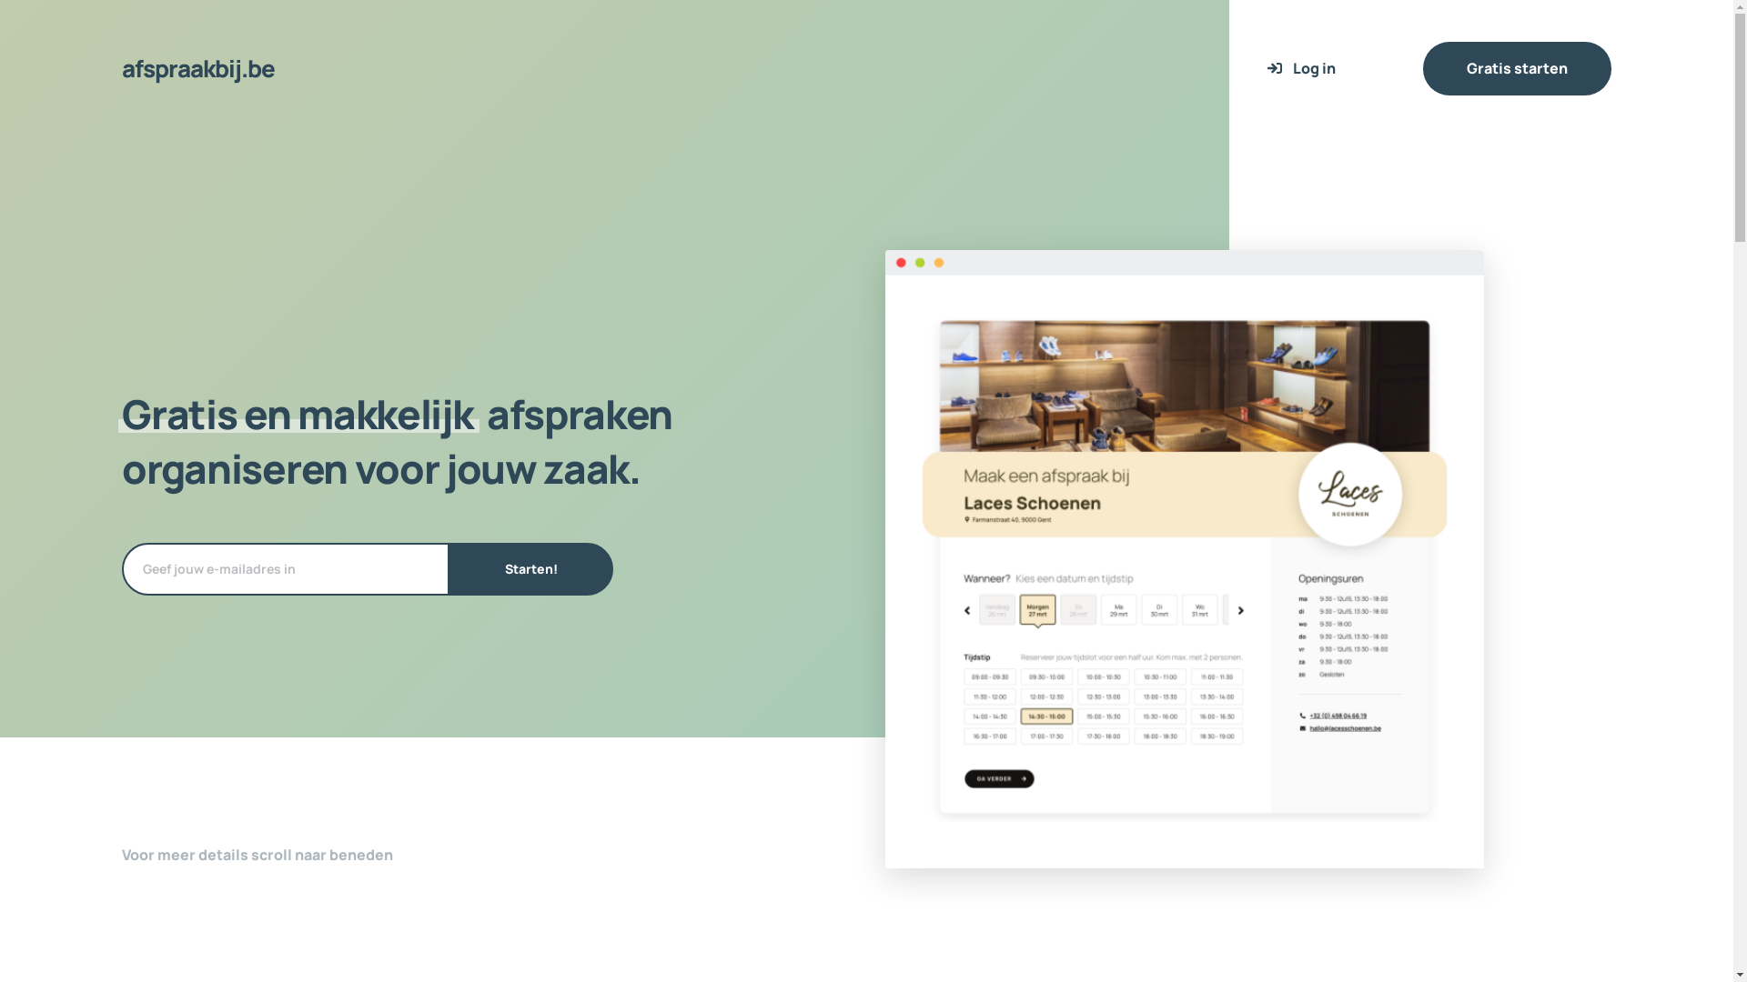  Describe the element at coordinates (530, 567) in the screenshot. I see `'Starten!'` at that location.